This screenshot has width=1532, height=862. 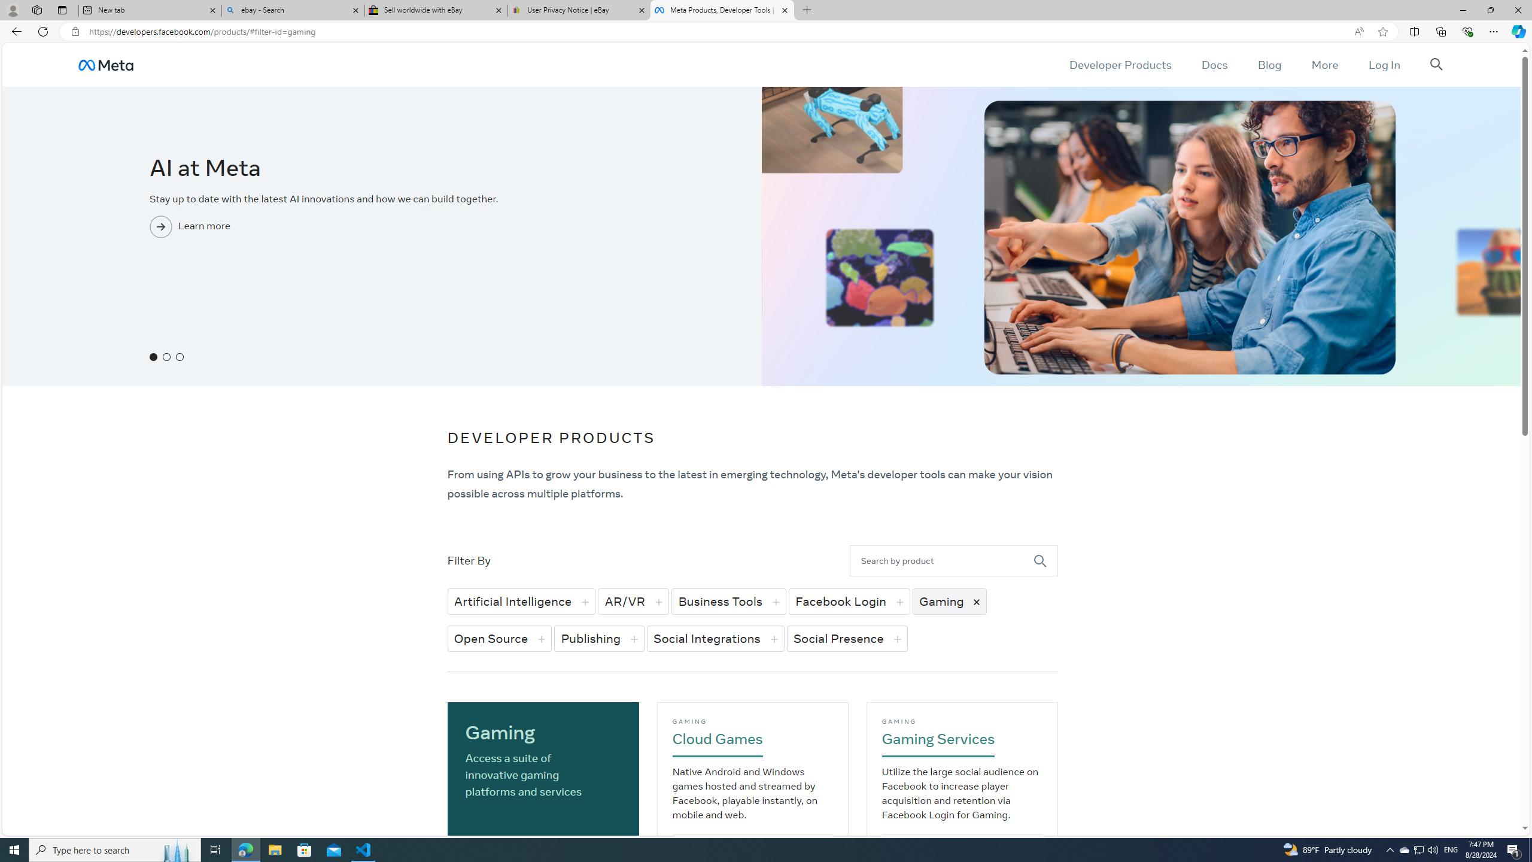 What do you see at coordinates (153, 356) in the screenshot?
I see `'Show slide 1'` at bounding box center [153, 356].